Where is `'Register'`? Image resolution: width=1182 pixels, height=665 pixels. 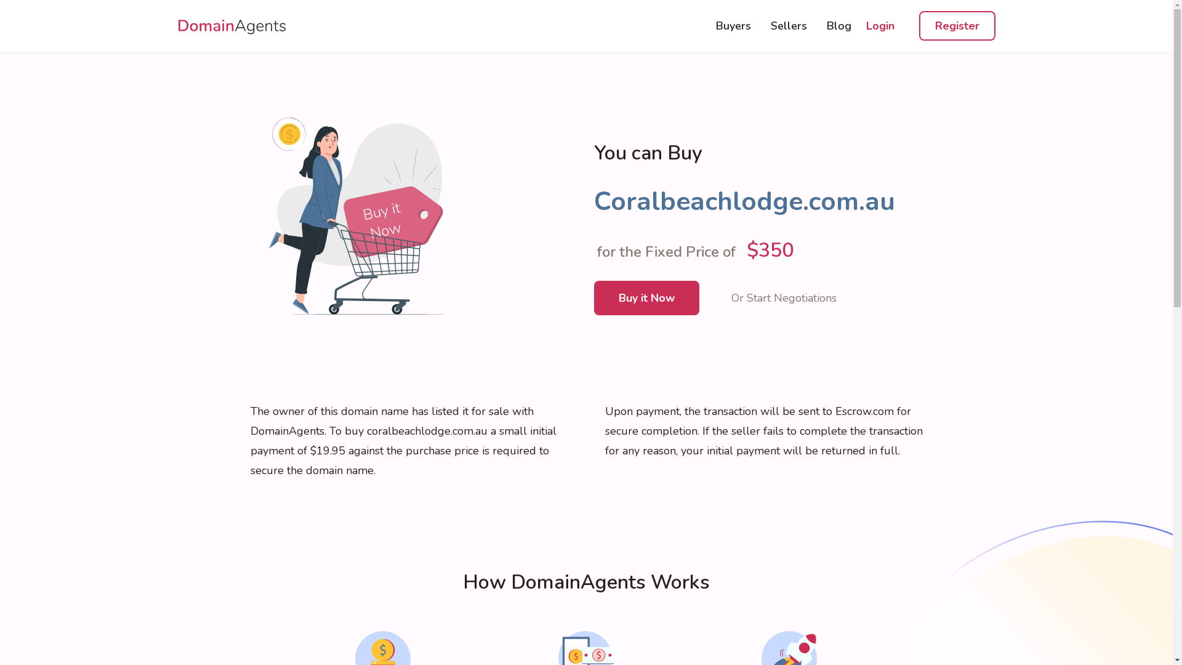
'Register' is located at coordinates (919, 26).